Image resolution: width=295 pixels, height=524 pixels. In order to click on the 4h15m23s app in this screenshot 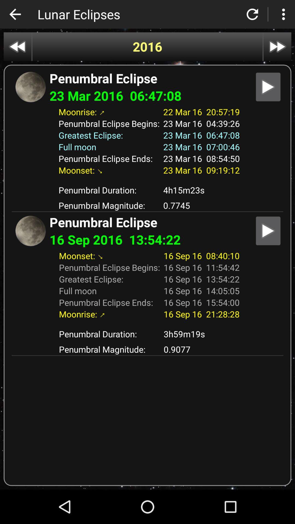, I will do `click(201, 190)`.